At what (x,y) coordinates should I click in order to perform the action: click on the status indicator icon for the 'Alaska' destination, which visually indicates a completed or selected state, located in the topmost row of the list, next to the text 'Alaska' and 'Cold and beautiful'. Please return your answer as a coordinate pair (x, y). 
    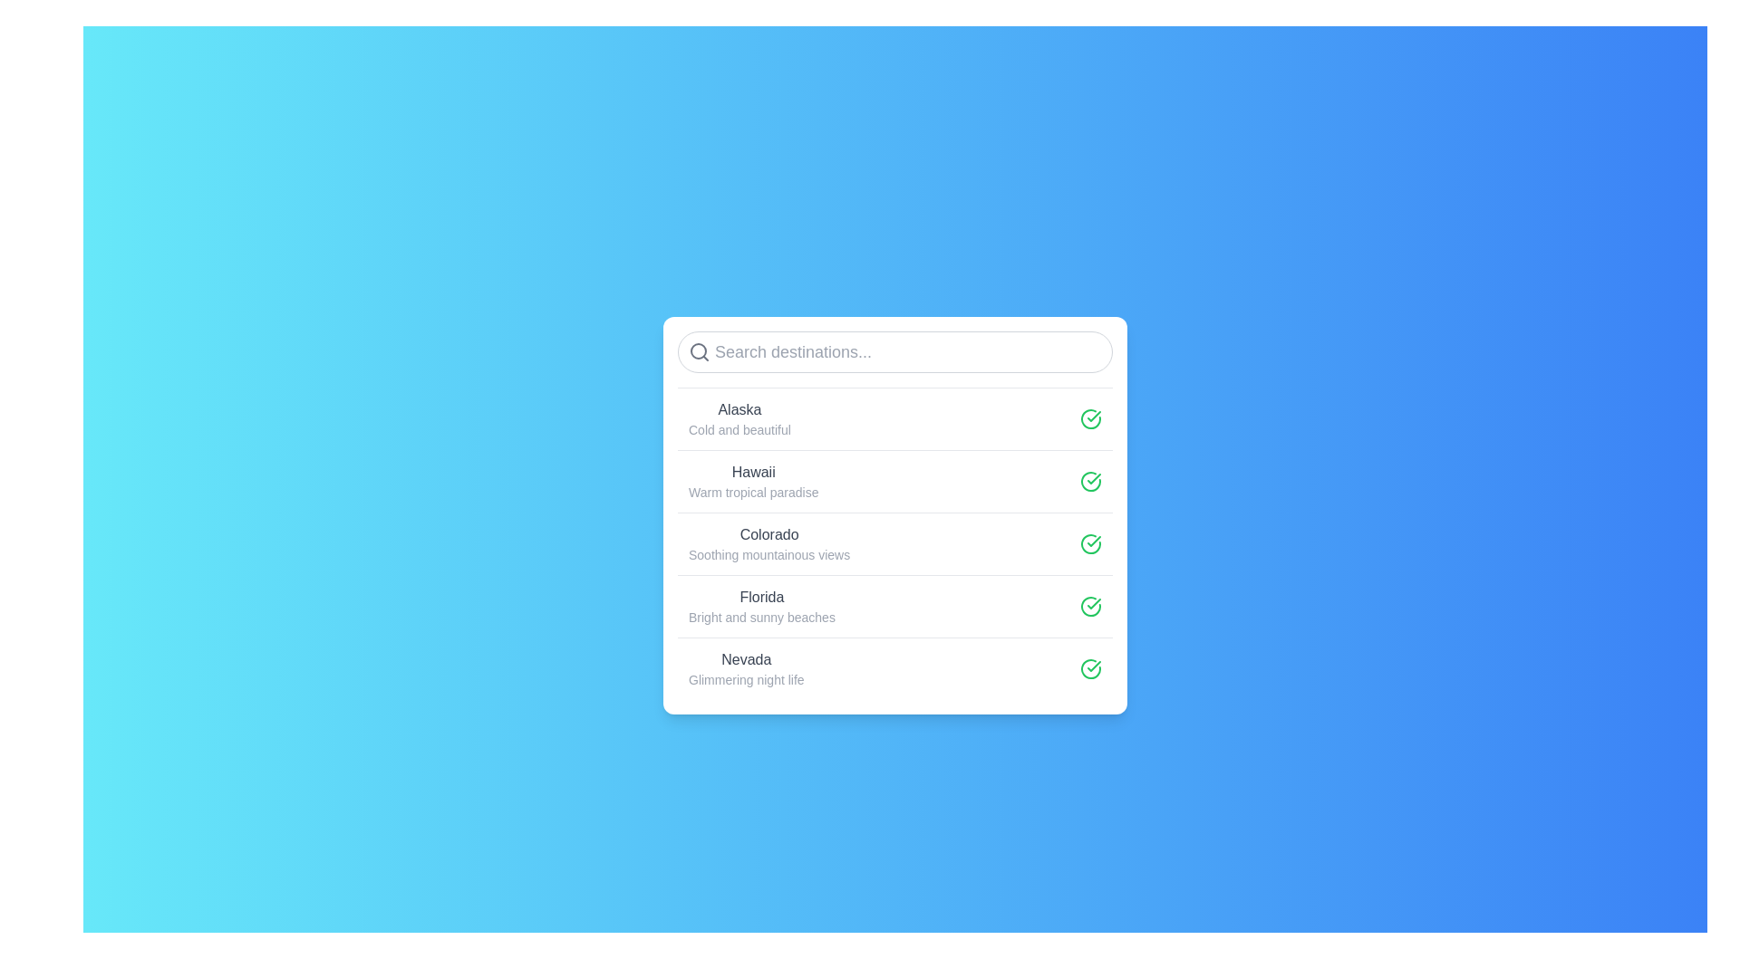
    Looking at the image, I should click on (1090, 418).